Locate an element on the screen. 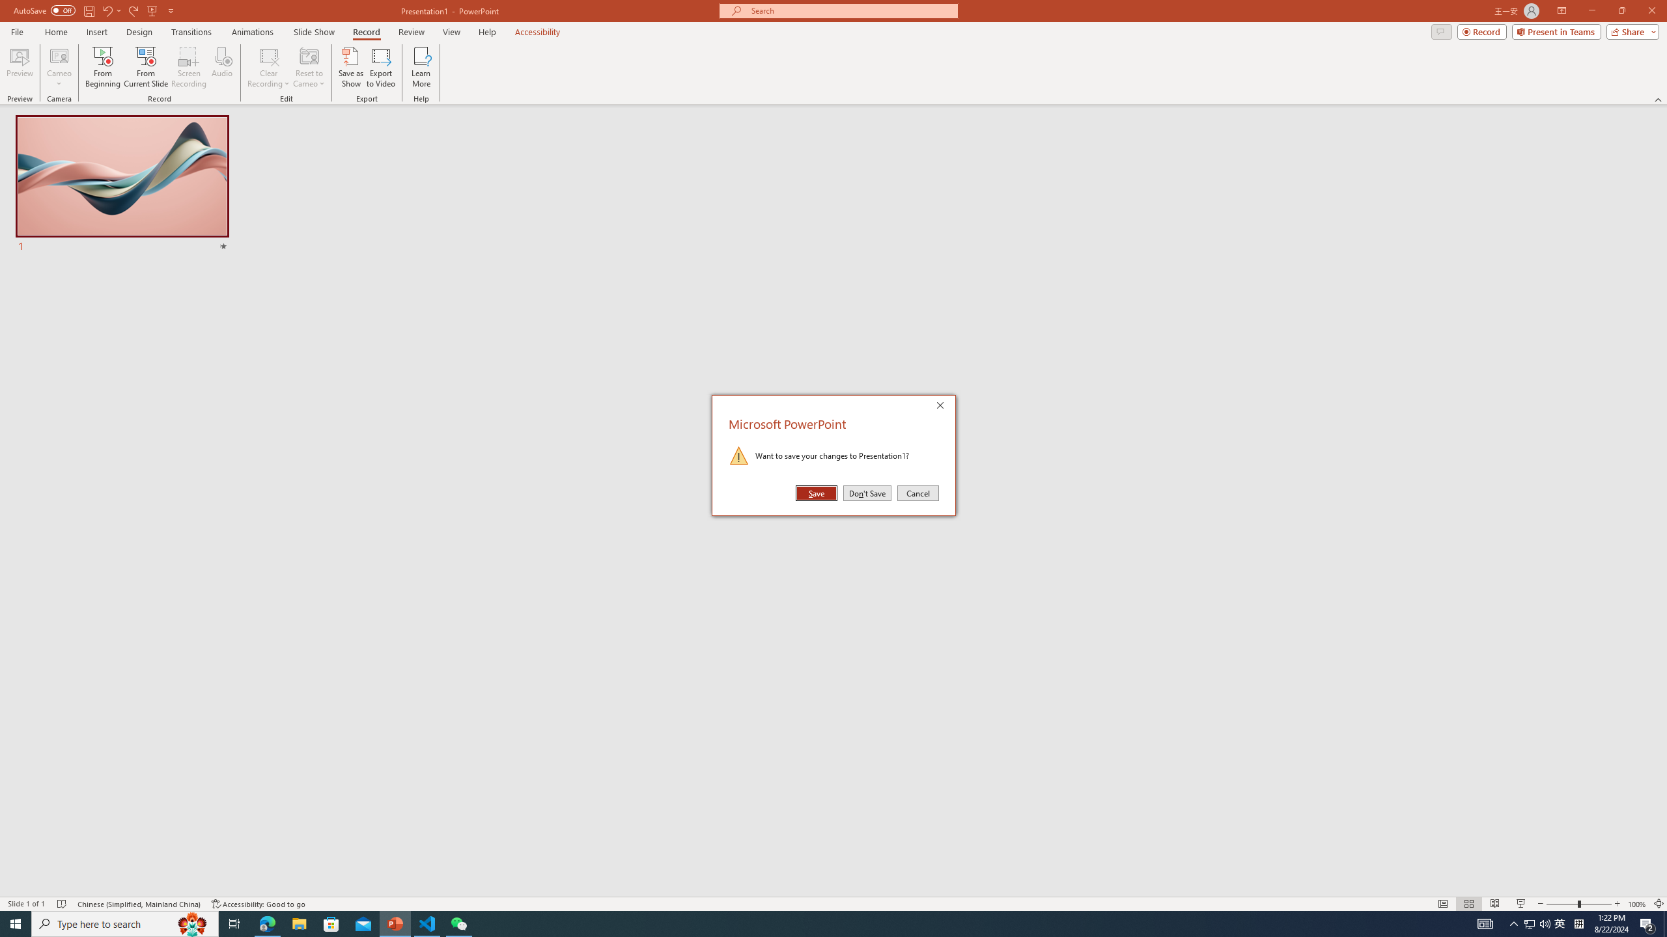 This screenshot has width=1667, height=937. 'Audio' is located at coordinates (221, 67).